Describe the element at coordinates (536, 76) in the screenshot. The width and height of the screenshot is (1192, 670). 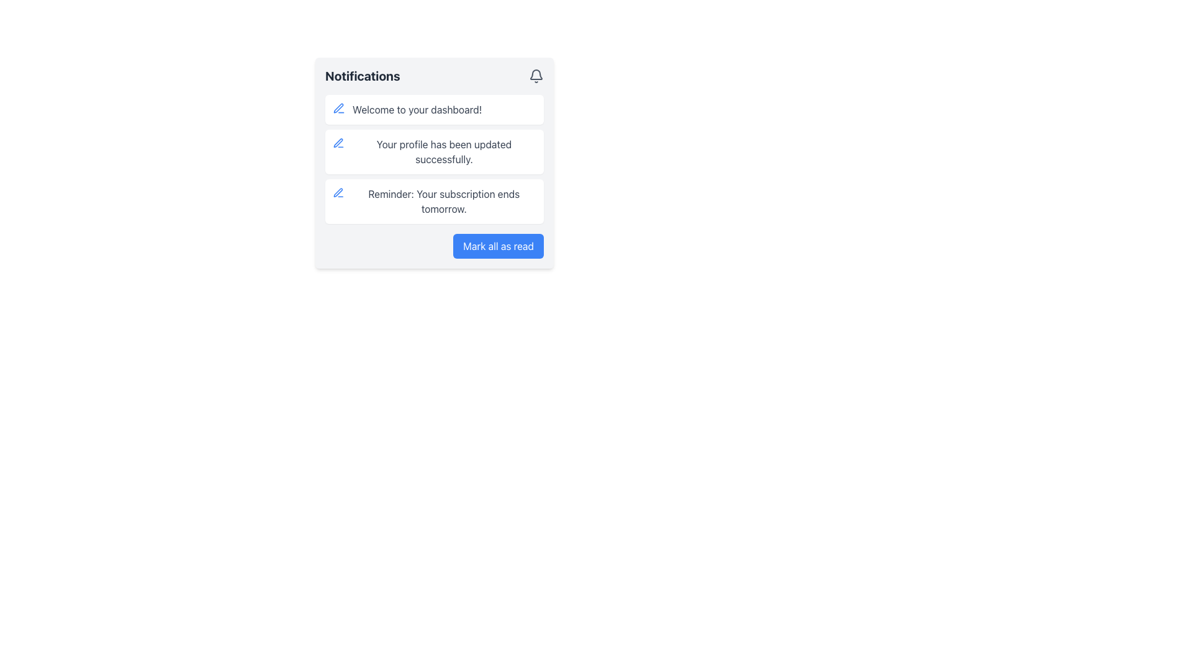
I see `the bell icon located in the upper right corner of the 'Notifications' box, which is rendered in a thin stroke style and is gray in color` at that location.